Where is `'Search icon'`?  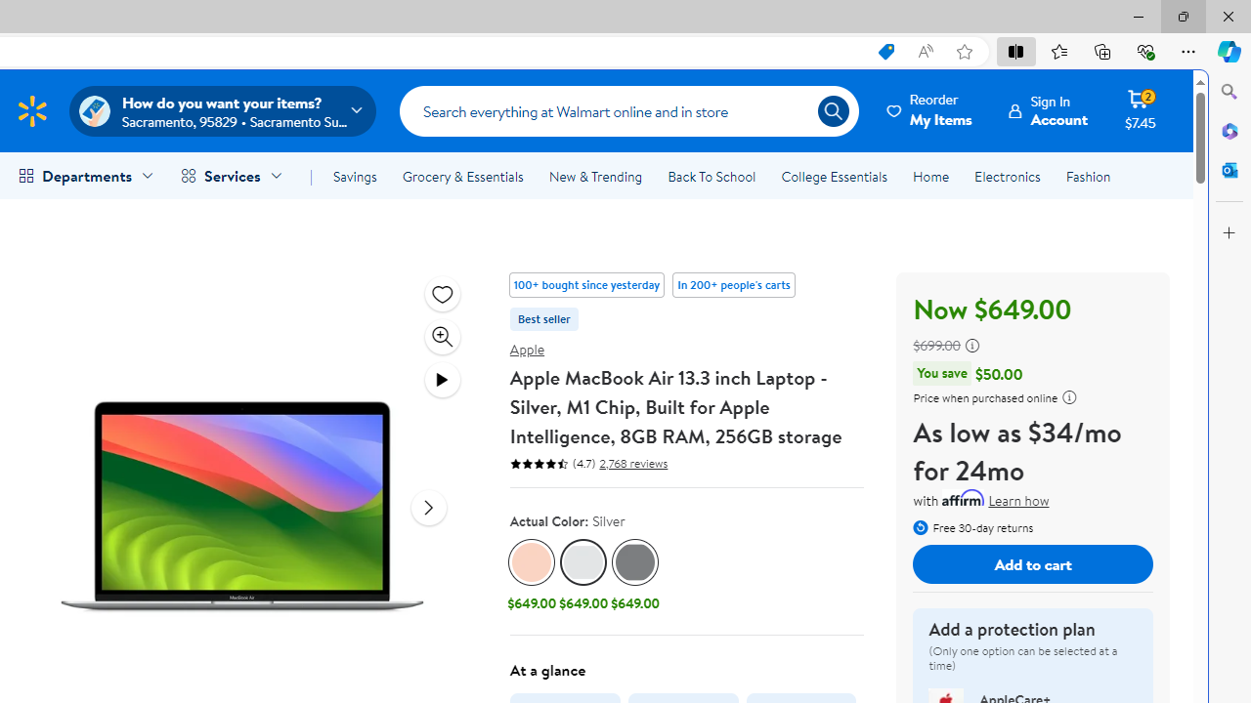 'Search icon' is located at coordinates (833, 111).